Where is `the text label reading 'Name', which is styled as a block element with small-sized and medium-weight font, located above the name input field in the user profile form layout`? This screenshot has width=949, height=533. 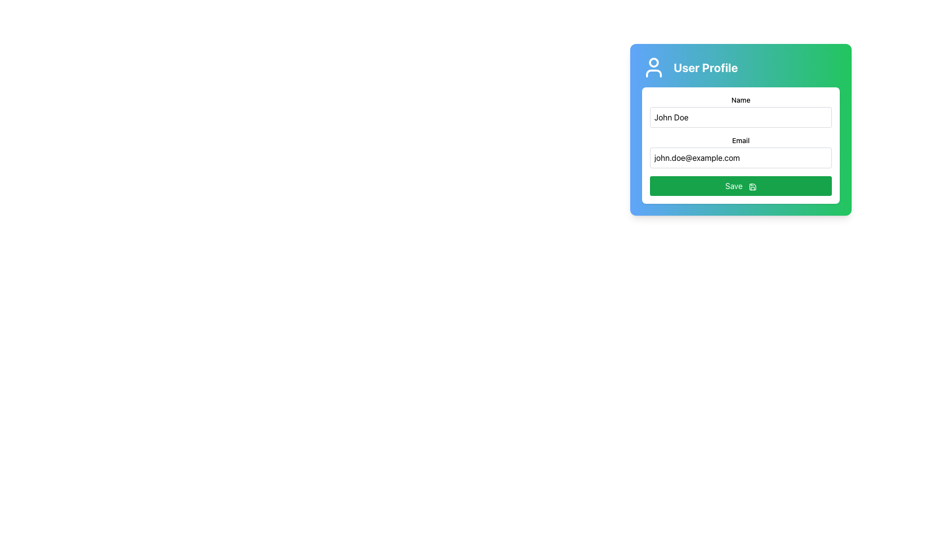
the text label reading 'Name', which is styled as a block element with small-sized and medium-weight font, located above the name input field in the user profile form layout is located at coordinates (740, 100).